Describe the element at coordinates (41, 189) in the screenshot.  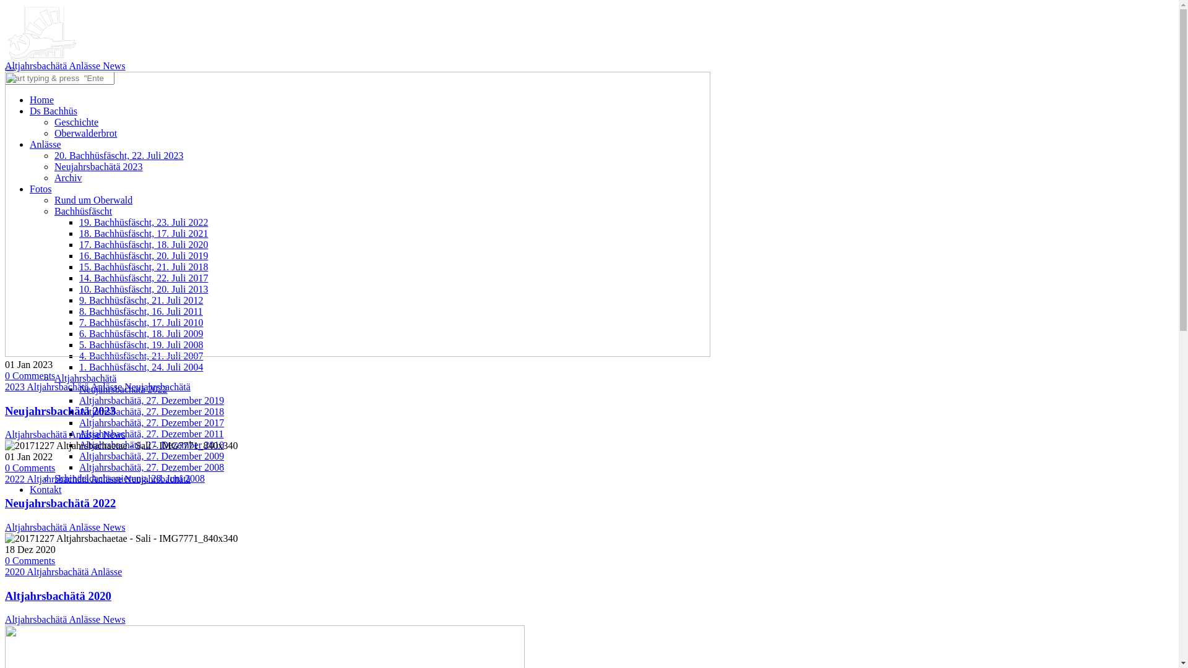
I see `'Fotos'` at that location.